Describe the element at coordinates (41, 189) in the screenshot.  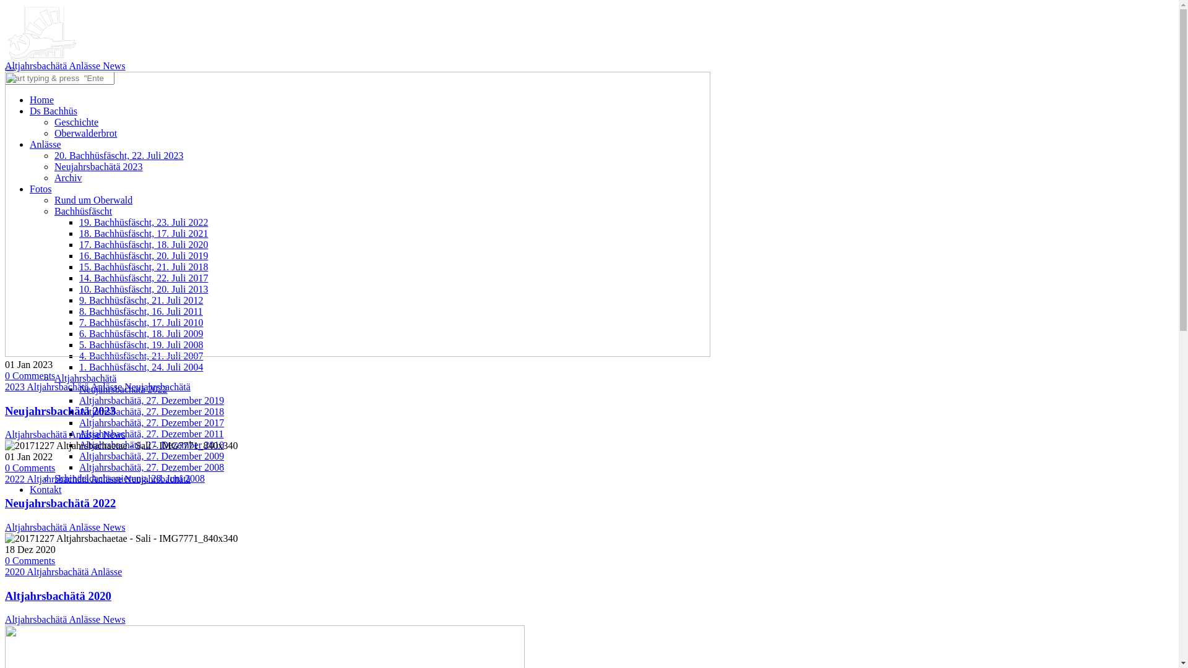
I see `'Fotos'` at that location.